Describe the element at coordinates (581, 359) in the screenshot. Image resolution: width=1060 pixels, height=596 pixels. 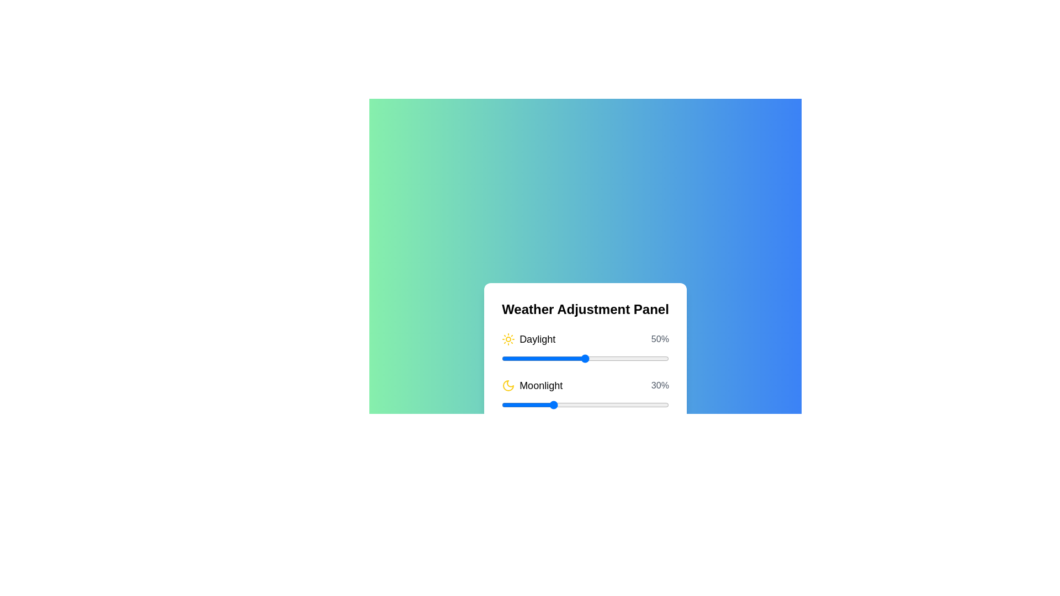
I see `the Daylight slider to 48%` at that location.